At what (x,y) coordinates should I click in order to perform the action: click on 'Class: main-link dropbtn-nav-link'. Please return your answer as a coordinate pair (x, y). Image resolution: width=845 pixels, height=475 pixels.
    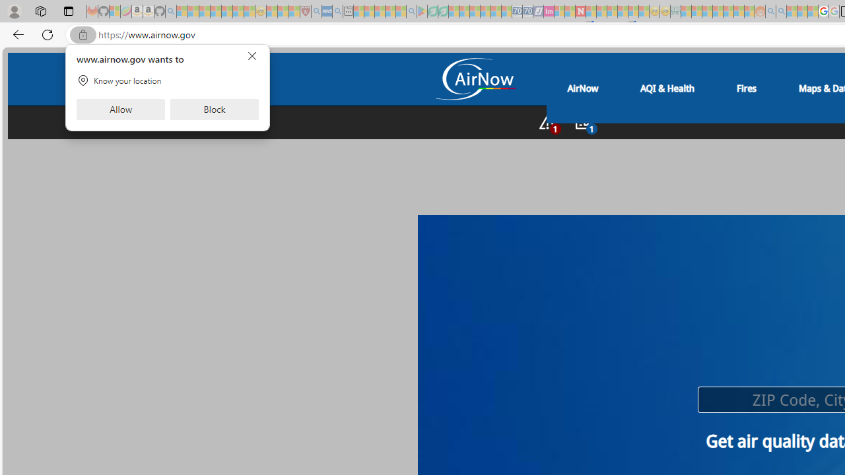
    Looking at the image, I should click on (746, 88).